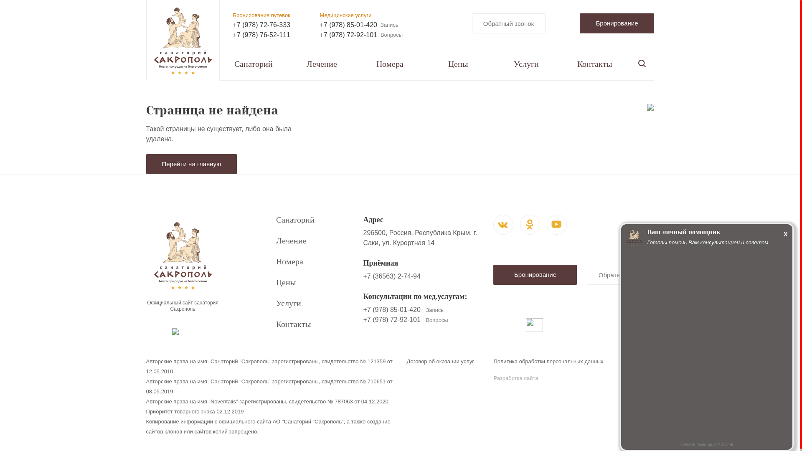 Image resolution: width=802 pixels, height=451 pixels. What do you see at coordinates (363, 309) in the screenshot?
I see `'+7 (978) 85-01-420'` at bounding box center [363, 309].